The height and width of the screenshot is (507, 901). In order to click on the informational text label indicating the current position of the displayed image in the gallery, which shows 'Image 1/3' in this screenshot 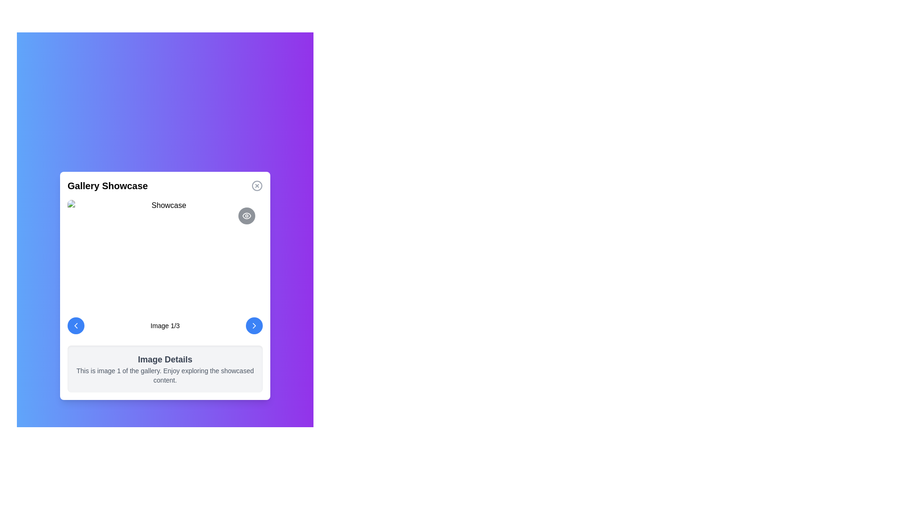, I will do `click(165, 325)`.